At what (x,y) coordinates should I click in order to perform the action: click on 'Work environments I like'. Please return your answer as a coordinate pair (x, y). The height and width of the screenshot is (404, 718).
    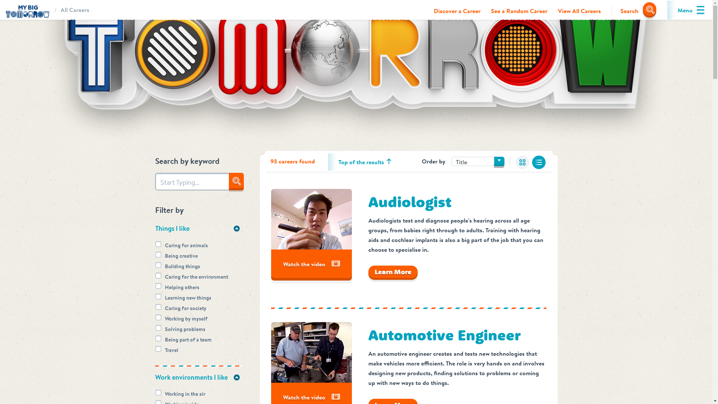
    Looking at the image, I should click on (199, 377).